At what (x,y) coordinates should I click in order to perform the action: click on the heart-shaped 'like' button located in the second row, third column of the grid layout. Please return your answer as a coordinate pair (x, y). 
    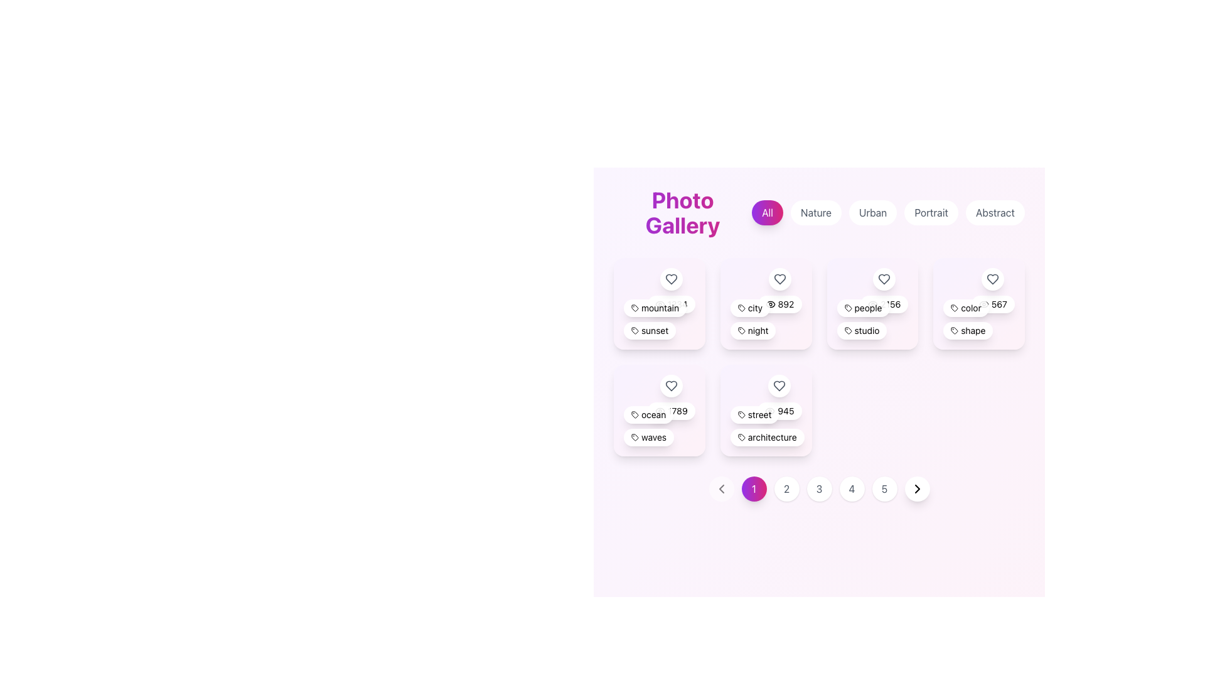
    Looking at the image, I should click on (779, 385).